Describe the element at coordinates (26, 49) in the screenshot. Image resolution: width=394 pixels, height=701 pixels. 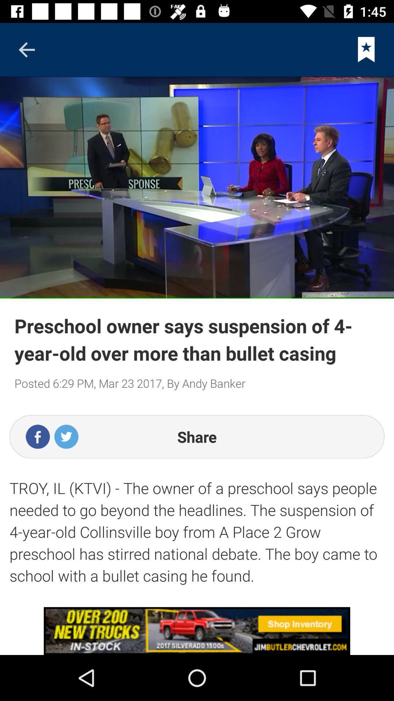
I see `the arrow_backward icon` at that location.